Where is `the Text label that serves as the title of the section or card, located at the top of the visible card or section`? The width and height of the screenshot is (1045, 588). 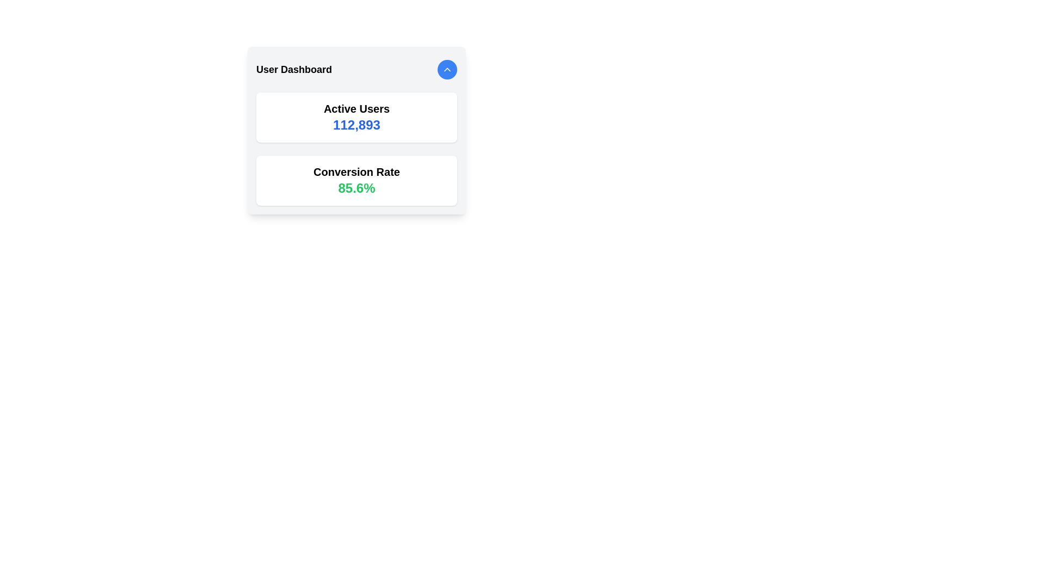 the Text label that serves as the title of the section or card, located at the top of the visible card or section is located at coordinates (294, 69).